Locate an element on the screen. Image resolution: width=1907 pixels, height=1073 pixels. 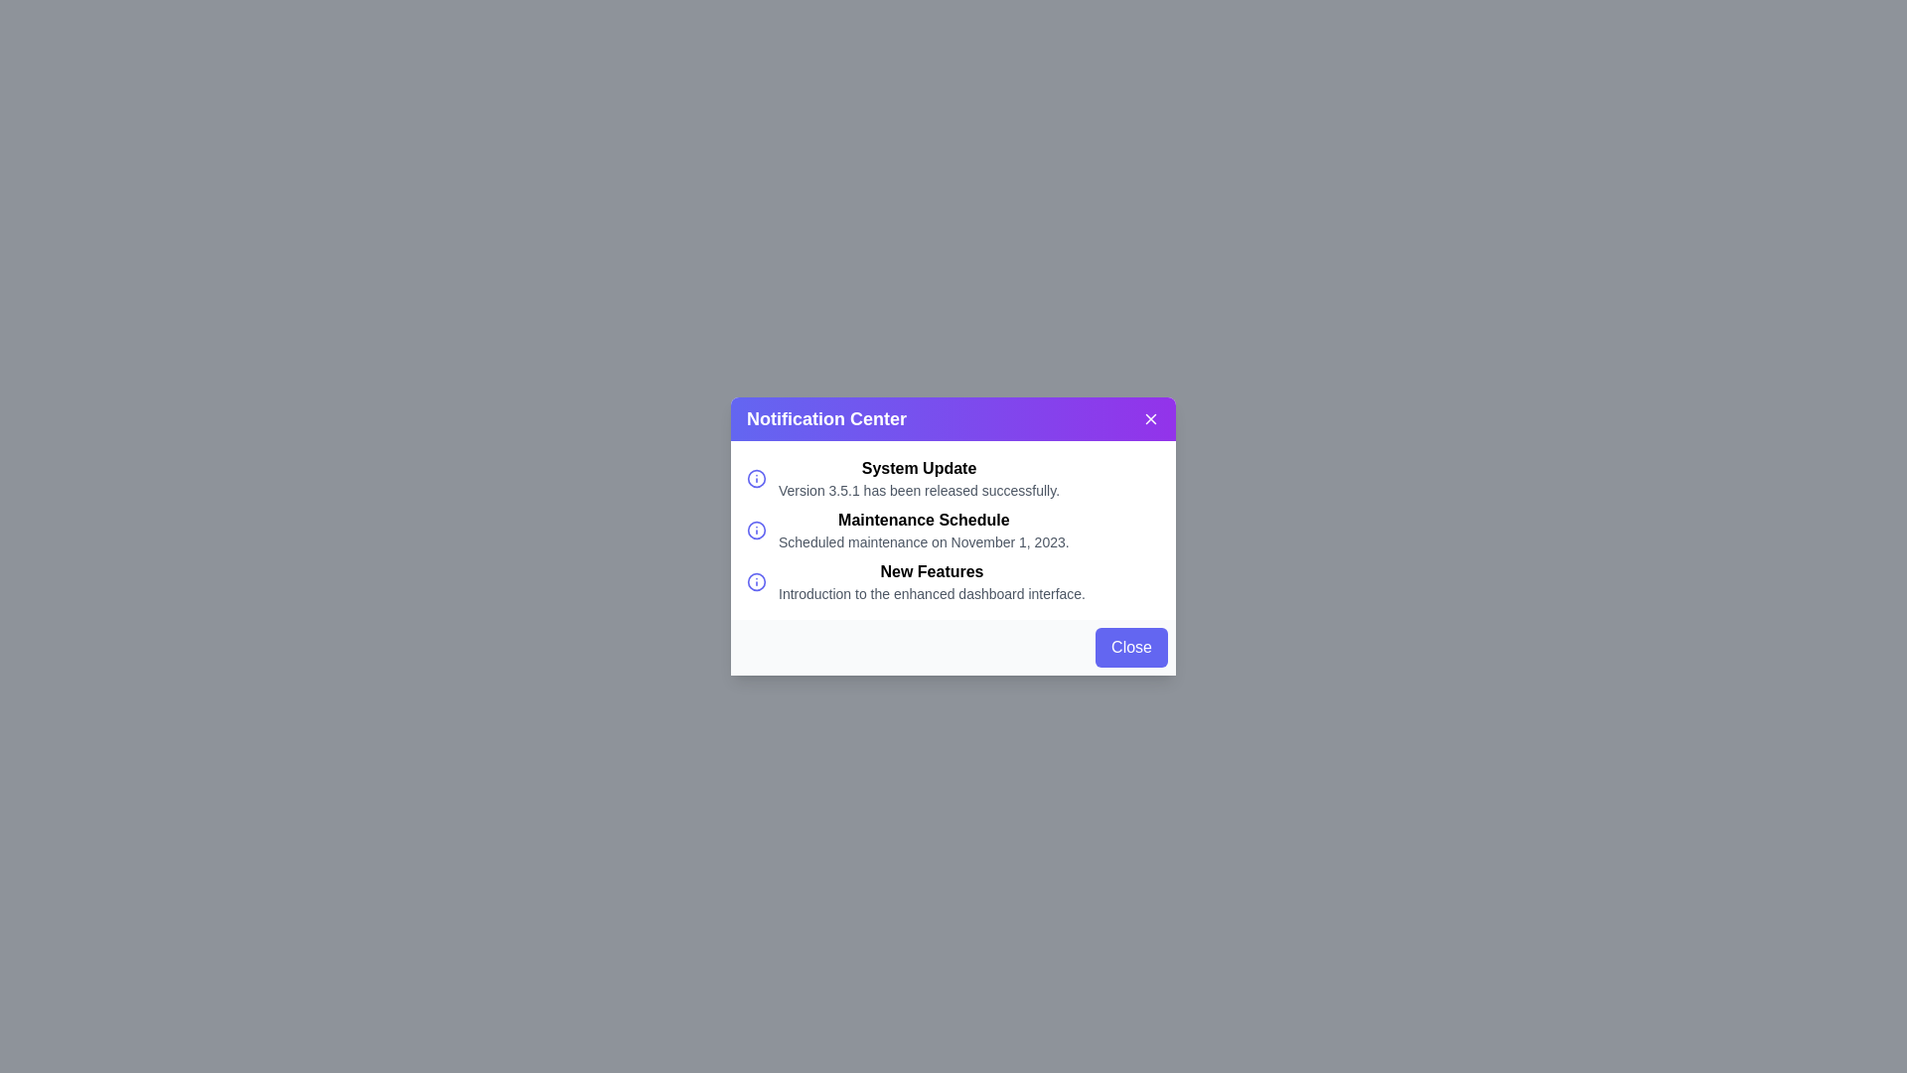
the 'Close' button at the bottom-right of the dialog is located at coordinates (1131, 647).